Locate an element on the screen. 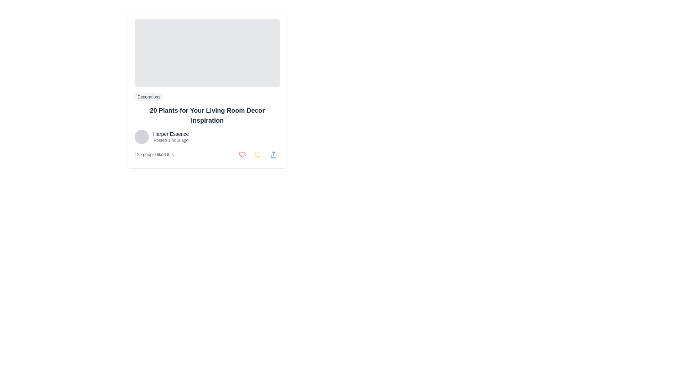  the yellow bookmark-shaped icon located below the text '125 people liked this', which is the second in a row of three interactive icons, to bookmark the content is located at coordinates (258, 154).